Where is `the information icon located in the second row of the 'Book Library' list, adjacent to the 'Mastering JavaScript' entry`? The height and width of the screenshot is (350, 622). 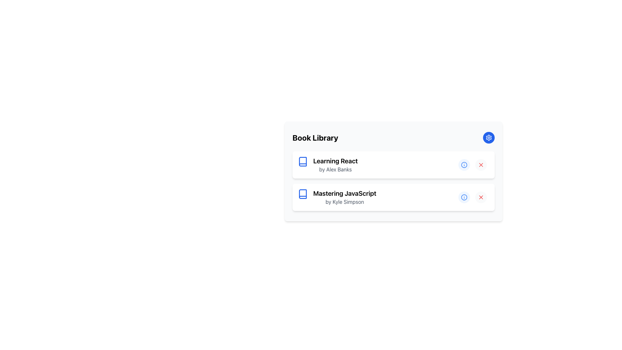 the information icon located in the second row of the 'Book Library' list, adjacent to the 'Mastering JavaScript' entry is located at coordinates (464, 165).